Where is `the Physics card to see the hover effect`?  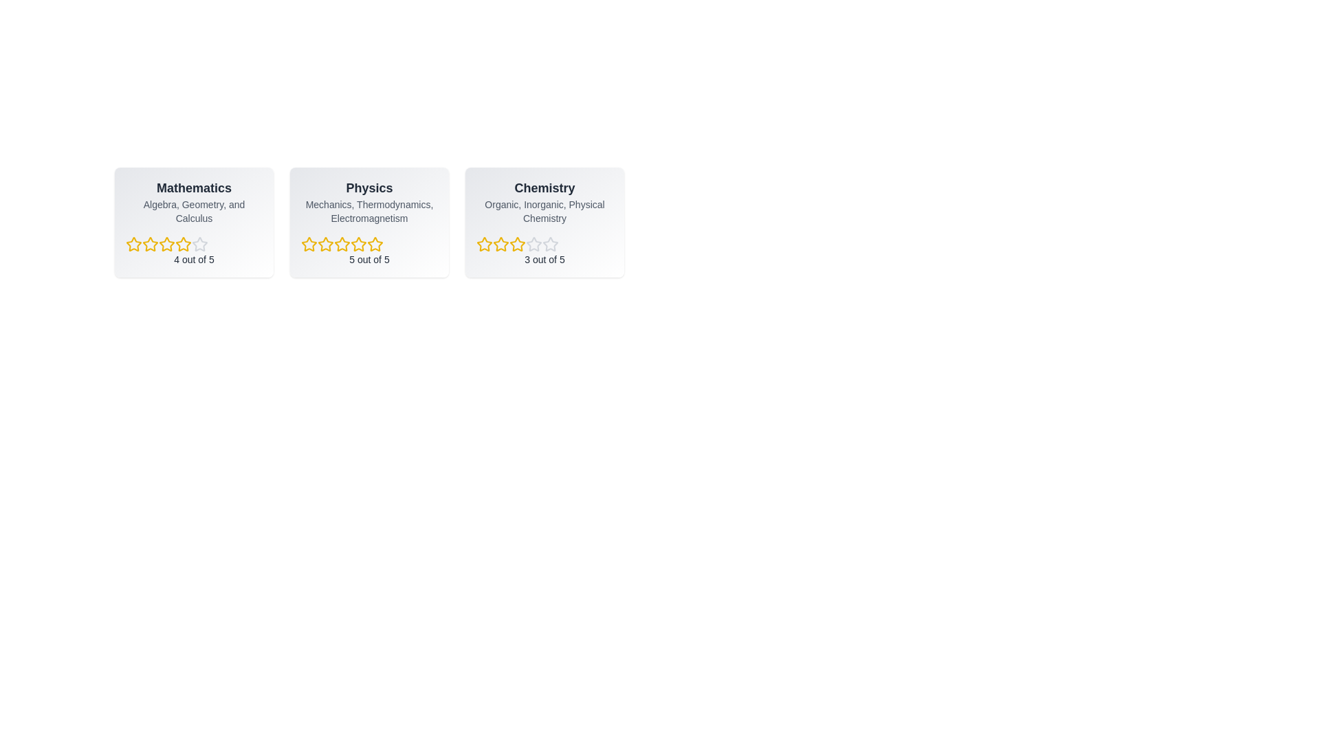 the Physics card to see the hover effect is located at coordinates (369, 222).